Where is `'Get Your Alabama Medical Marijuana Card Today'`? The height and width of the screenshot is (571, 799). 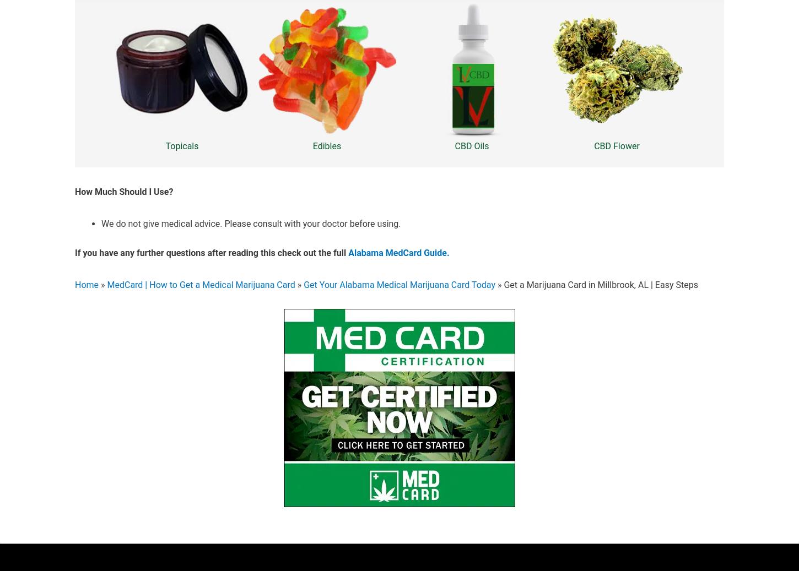
'Get Your Alabama Medical Marijuana Card Today' is located at coordinates (398, 284).